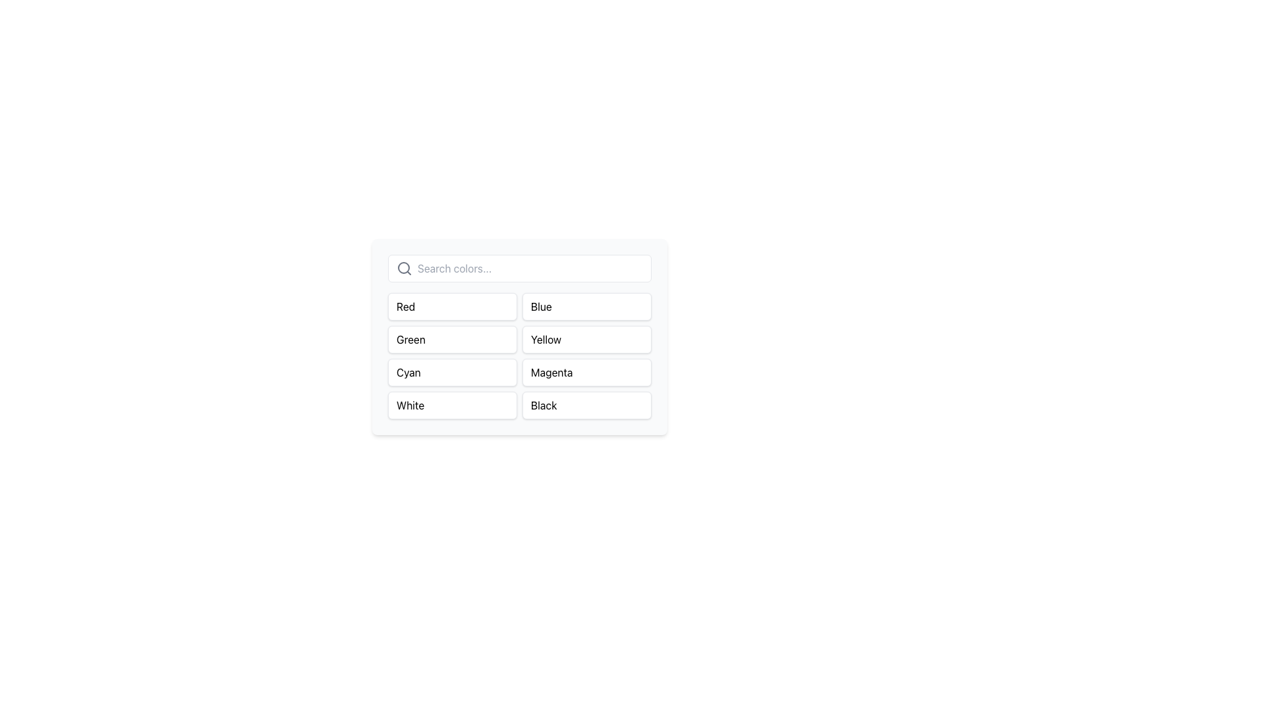 The height and width of the screenshot is (711, 1265). Describe the element at coordinates (452, 307) in the screenshot. I see `the rectangular button labeled 'Red' with a white background` at that location.